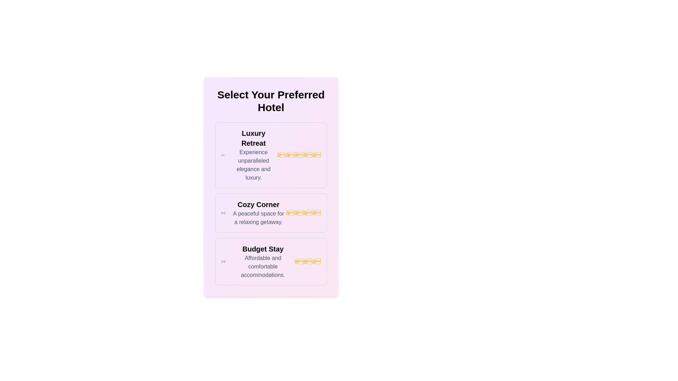 This screenshot has width=678, height=381. I want to click on the text label element displaying 'Budget Stay', which is styled as a header and positioned above the subtitle in the options column for hotel selection, so click(262, 248).